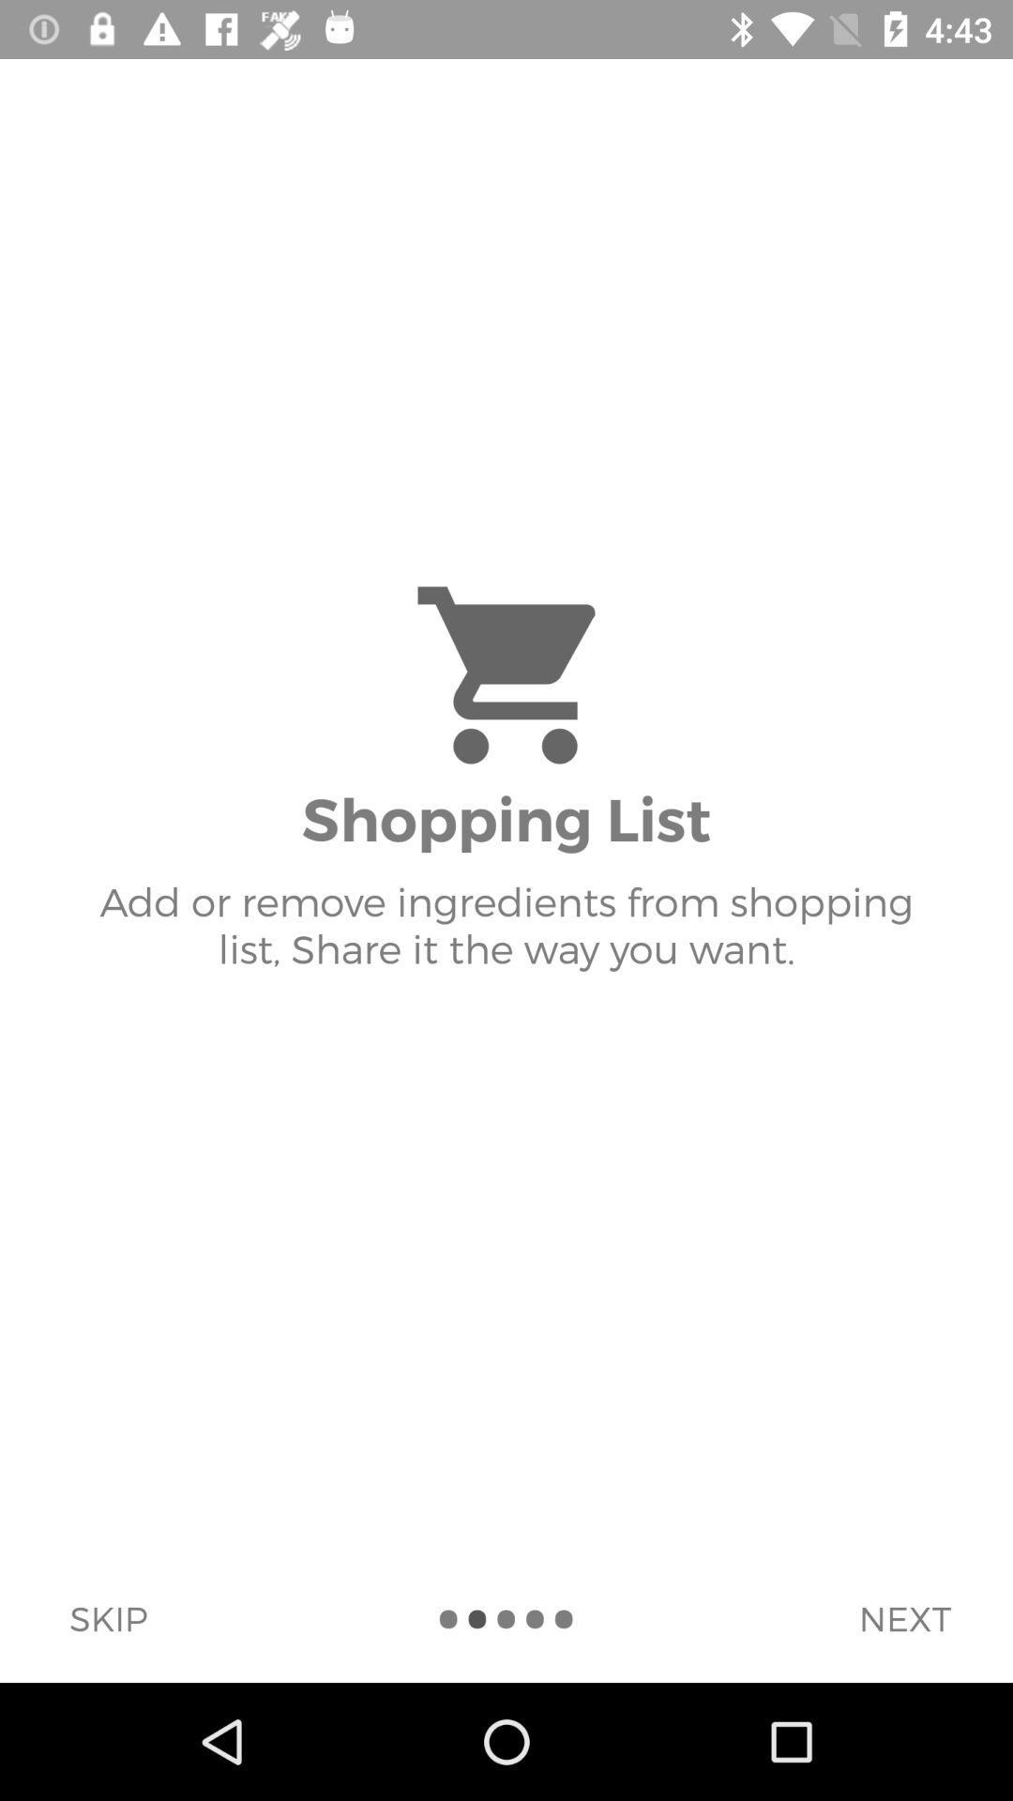  What do you see at coordinates (903, 1617) in the screenshot?
I see `the next icon` at bounding box center [903, 1617].